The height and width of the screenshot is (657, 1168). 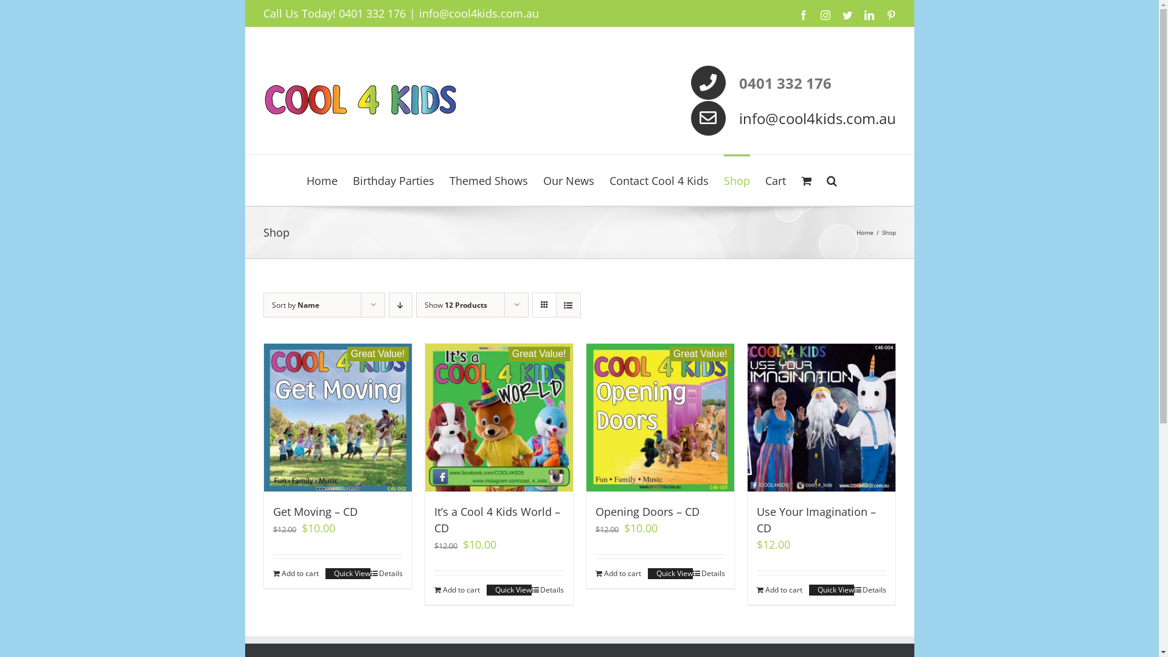 What do you see at coordinates (891, 15) in the screenshot?
I see `'Pinterest'` at bounding box center [891, 15].